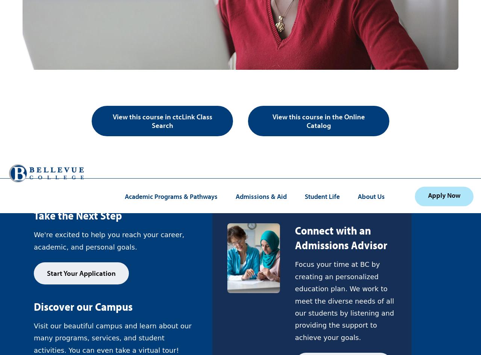 The image size is (481, 355). I want to click on 'Bellevue College', so click(213, 54).